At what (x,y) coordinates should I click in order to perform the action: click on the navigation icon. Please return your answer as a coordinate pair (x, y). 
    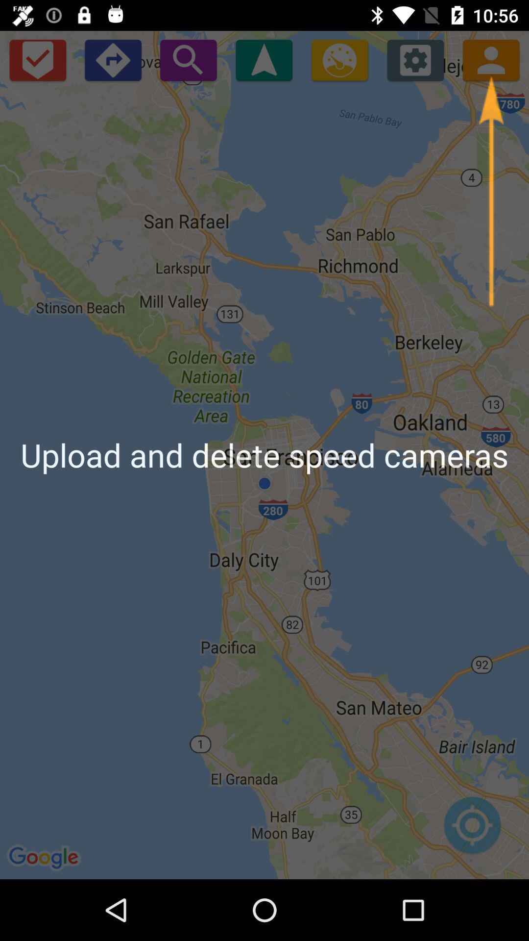
    Looking at the image, I should click on (264, 59).